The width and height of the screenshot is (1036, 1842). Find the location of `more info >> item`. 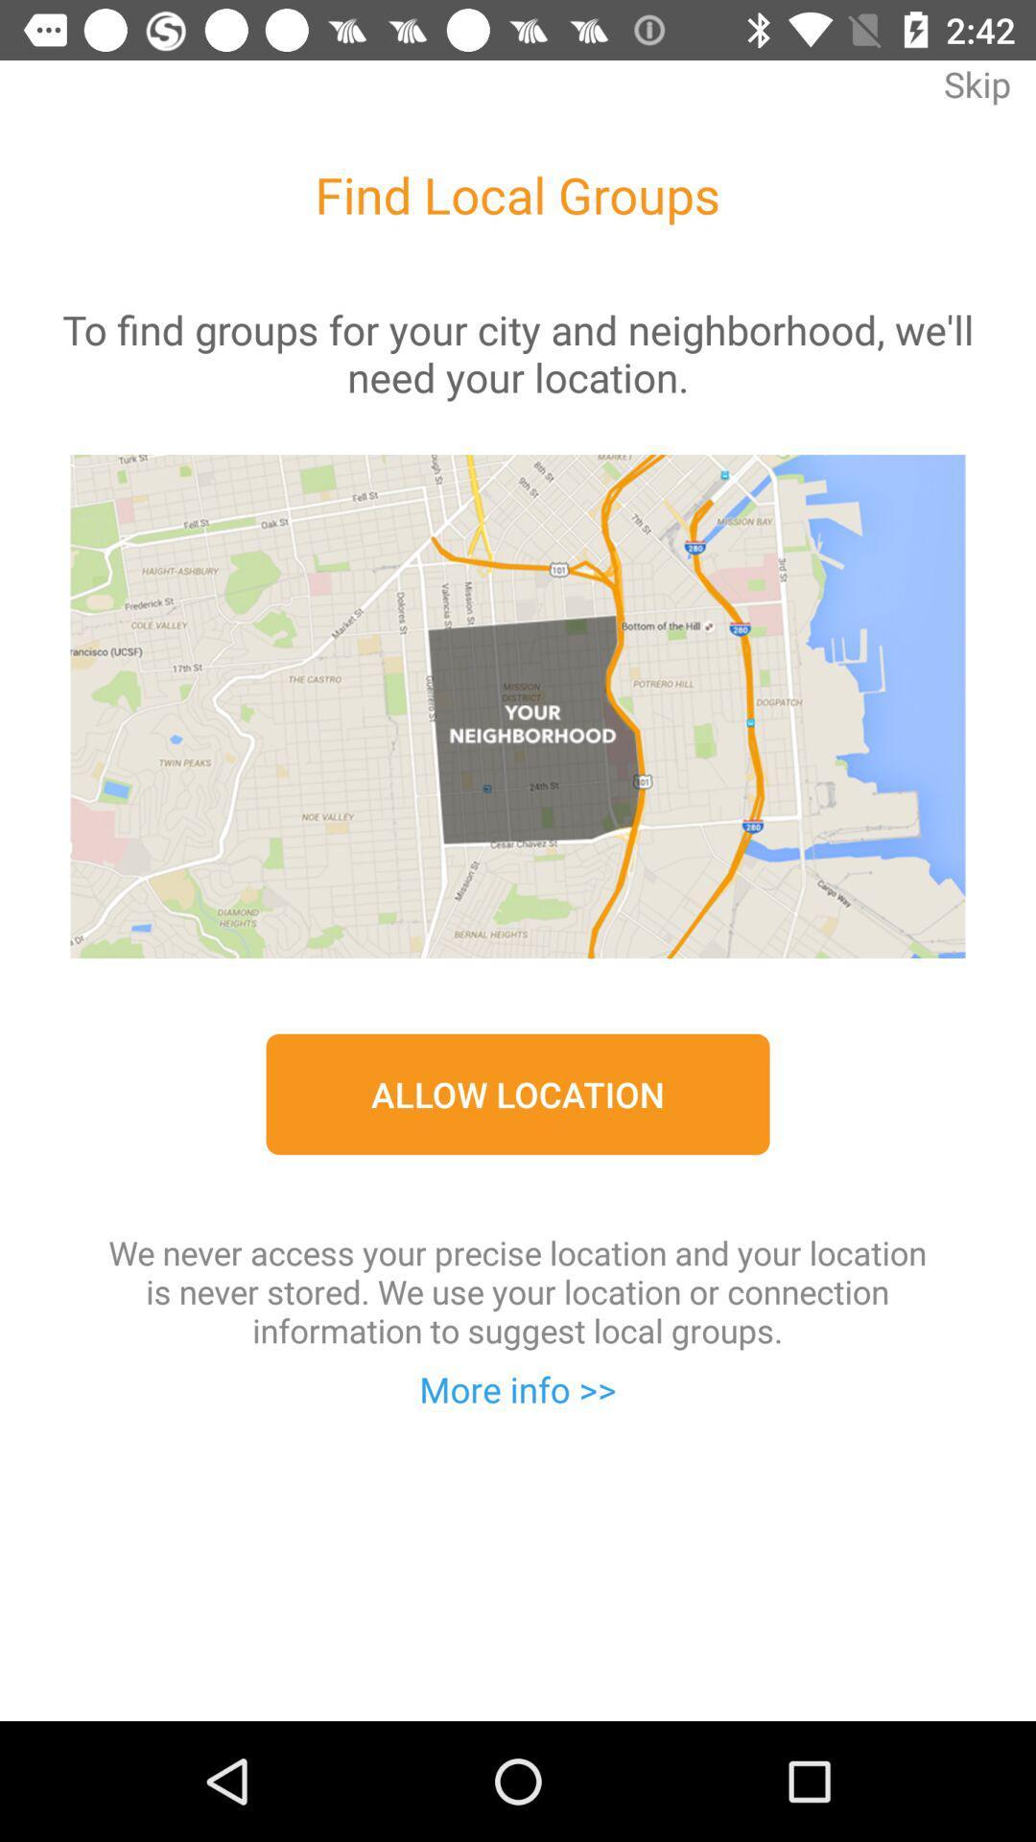

more info >> item is located at coordinates (518, 1389).